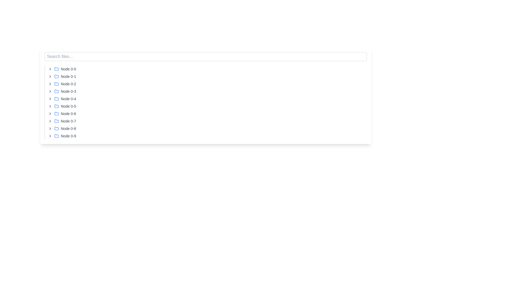 The image size is (510, 287). Describe the element at coordinates (56, 91) in the screenshot. I see `the right portion of the folder icon for 'Node 0-3' in the file explorer interface to aid in navigation` at that location.